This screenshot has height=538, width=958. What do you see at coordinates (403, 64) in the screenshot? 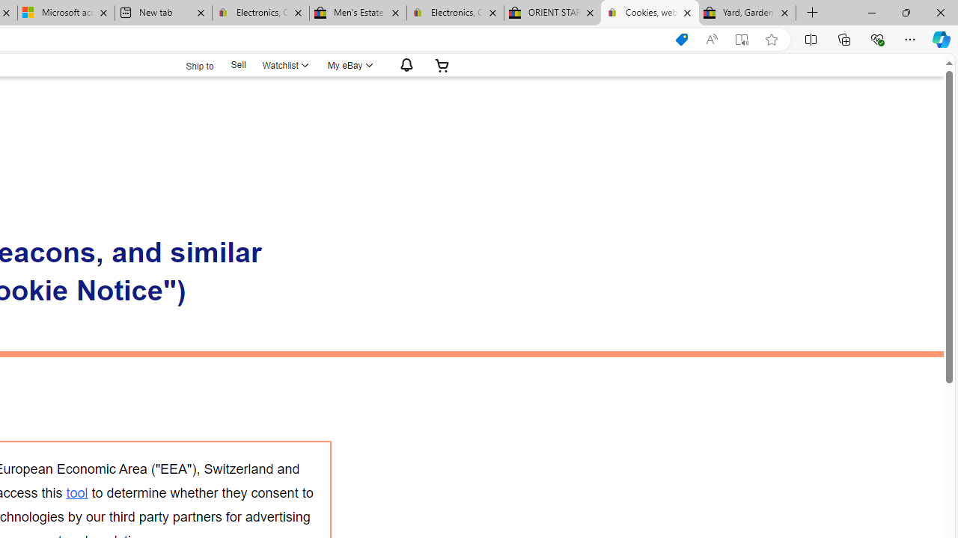
I see `'Notifications'` at bounding box center [403, 64].